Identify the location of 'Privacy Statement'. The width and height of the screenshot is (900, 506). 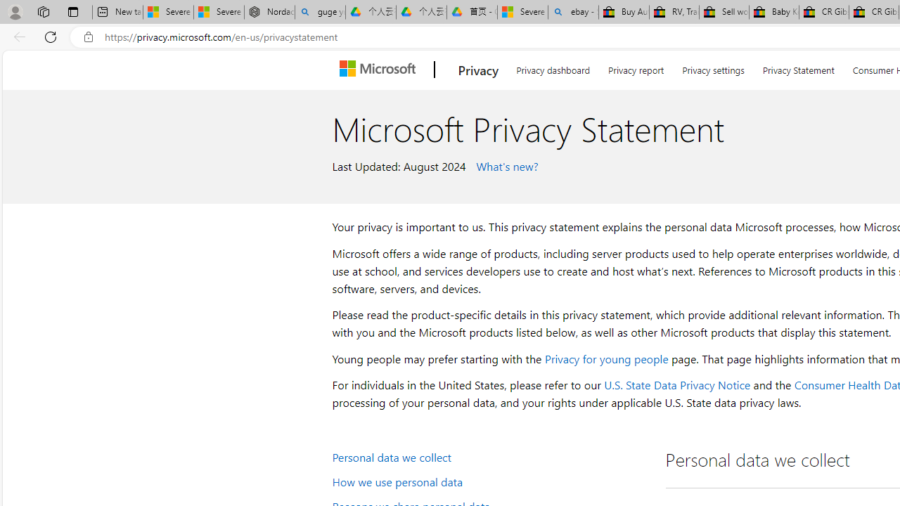
(798, 67).